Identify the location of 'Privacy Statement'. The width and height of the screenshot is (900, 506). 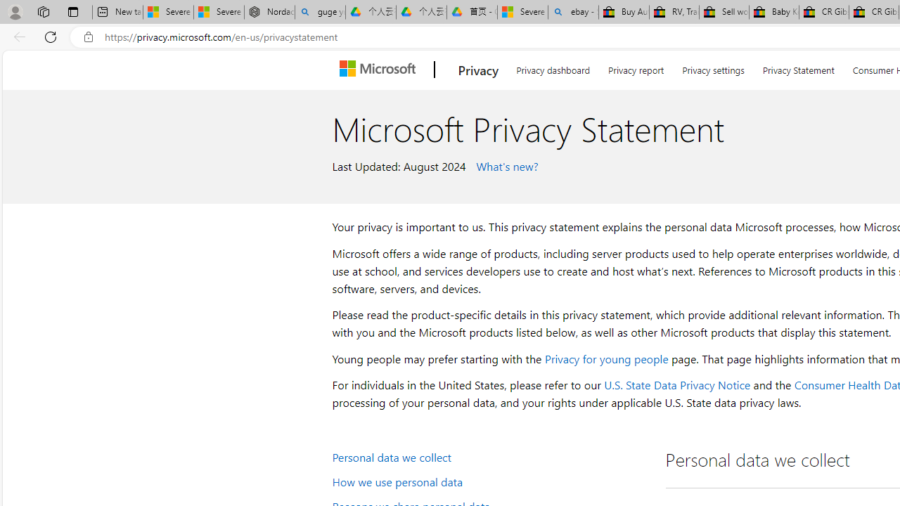
(798, 67).